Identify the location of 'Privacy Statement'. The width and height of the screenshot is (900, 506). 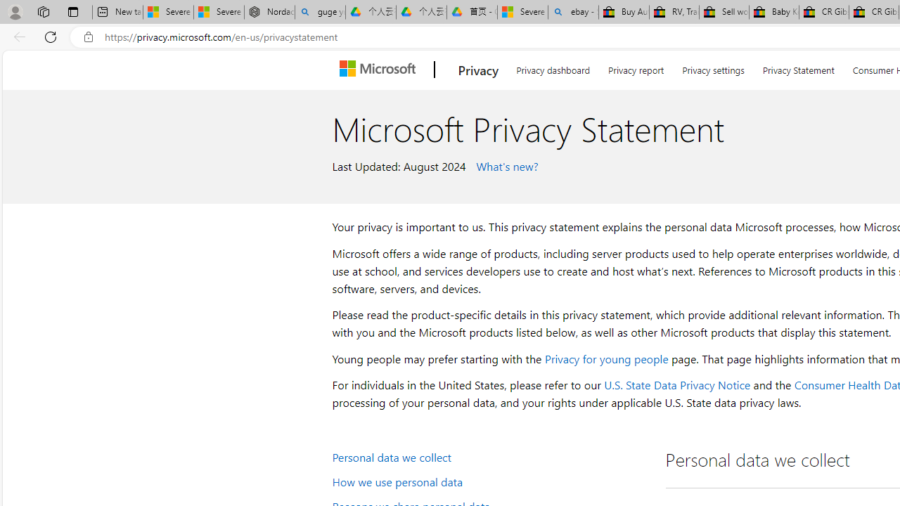
(798, 67).